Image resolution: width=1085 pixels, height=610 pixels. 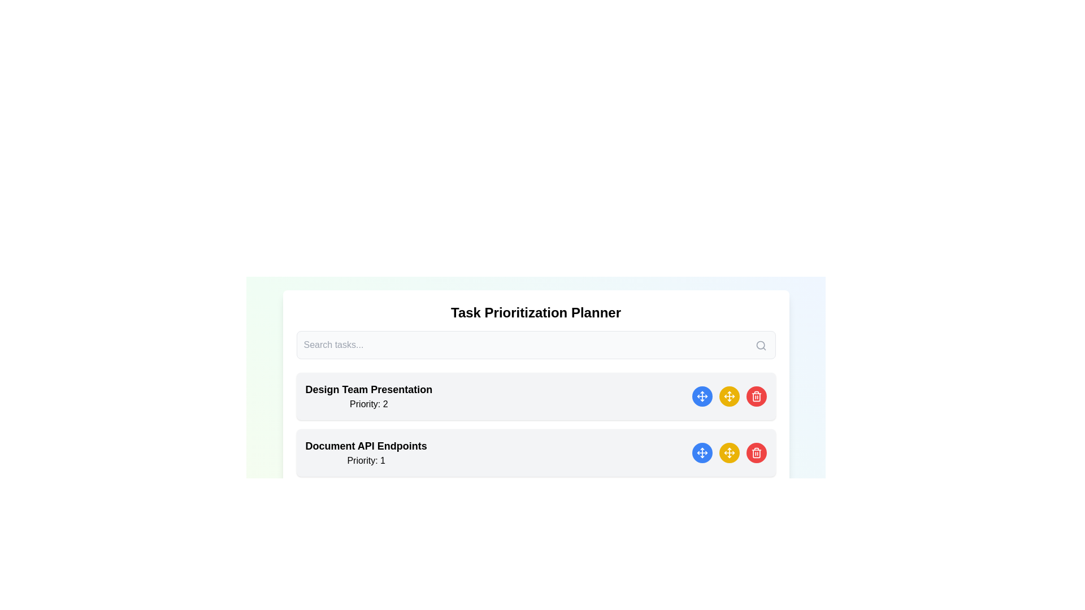 What do you see at coordinates (368, 404) in the screenshot?
I see `the text label displaying 'Priority: 2', which is located directly under the title 'Design Team Presentation' in the task prioritization interface` at bounding box center [368, 404].